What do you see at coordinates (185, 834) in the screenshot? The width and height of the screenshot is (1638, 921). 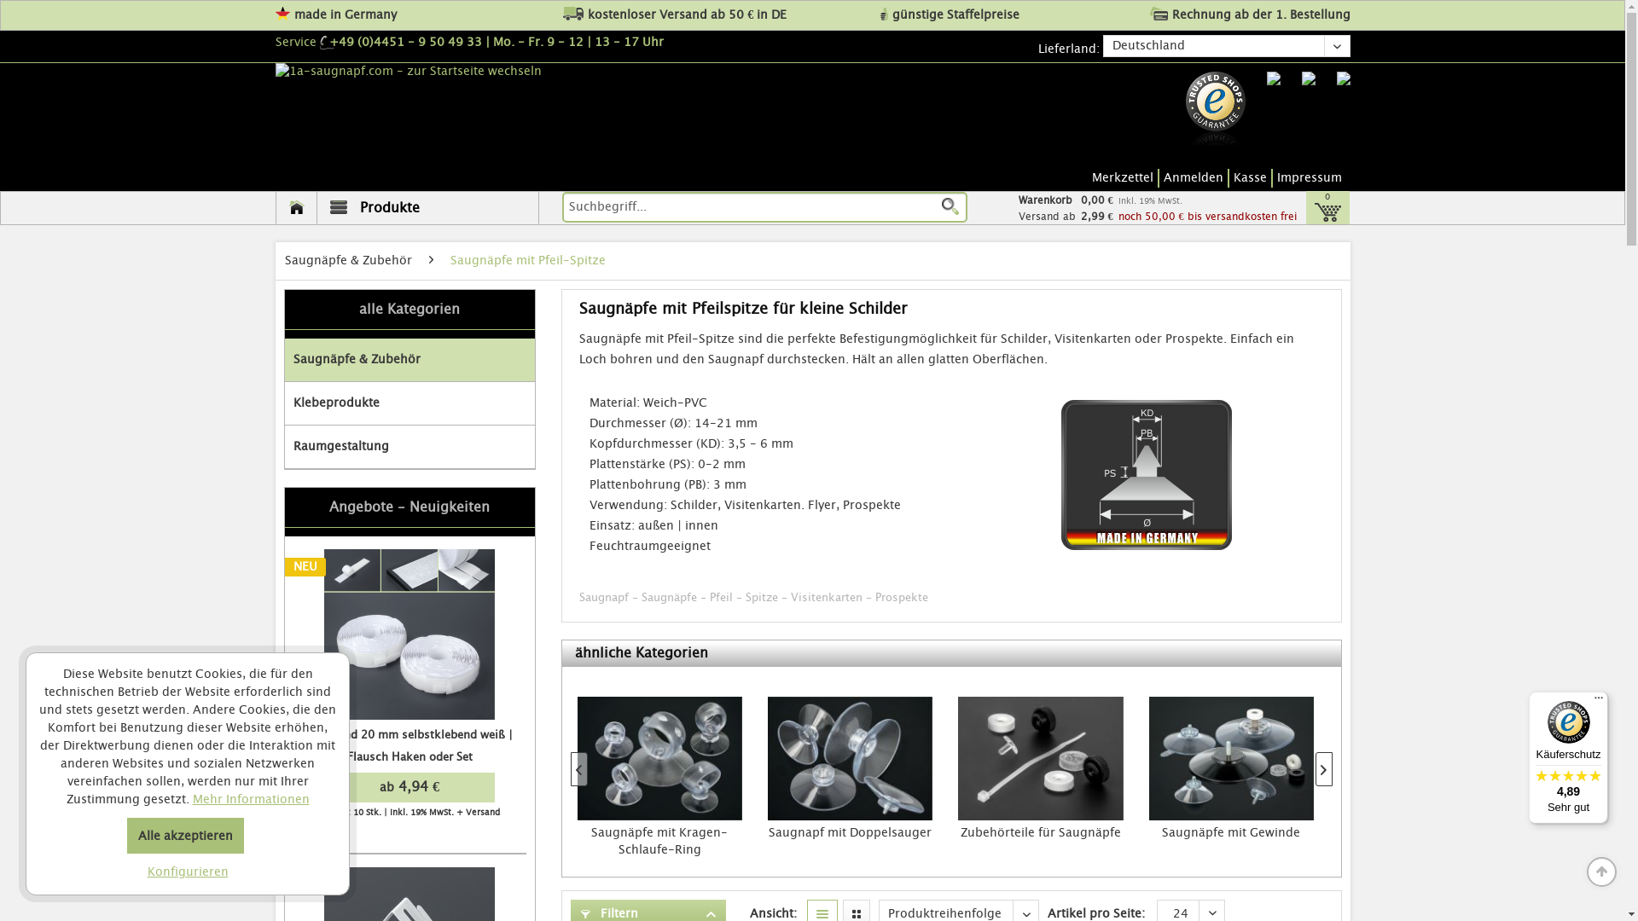 I see `'Alle akzeptieren'` at bounding box center [185, 834].